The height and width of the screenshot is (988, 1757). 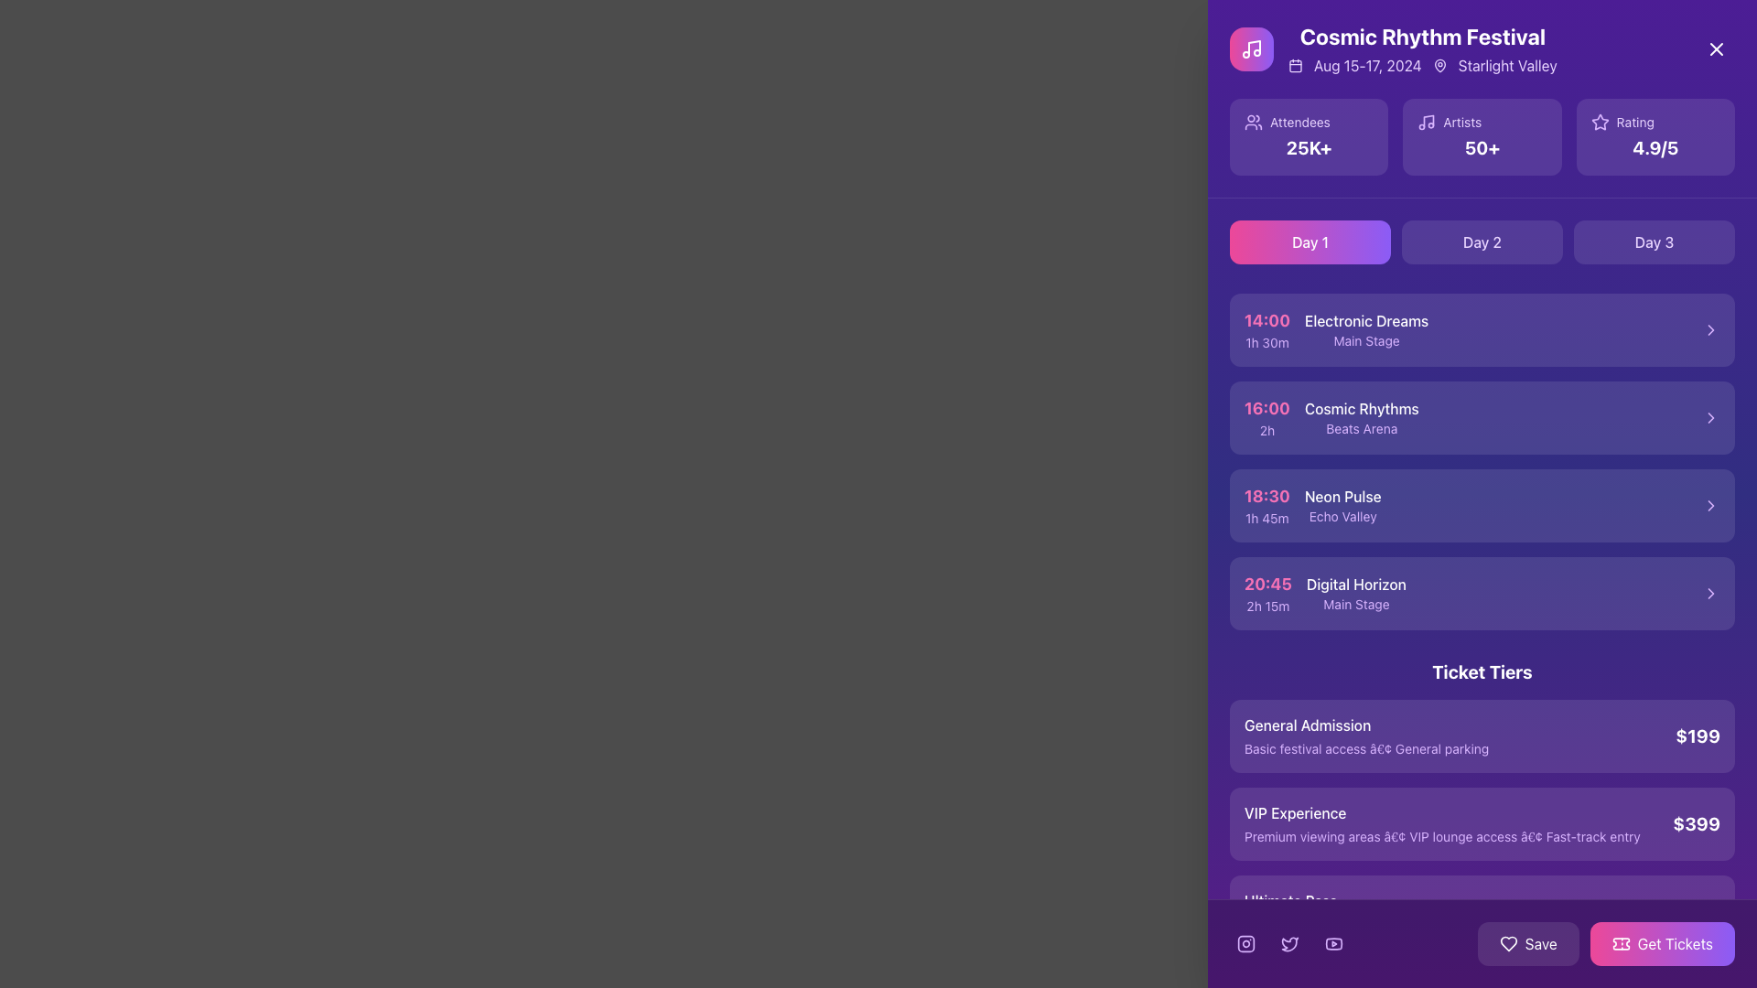 I want to click on the fourth event list item in the event schedule section, which contains the time and duration text ('20:45', '2h 15m') and the location details ('Digital Horizon', 'Main Stage'), so click(x=1482, y=593).